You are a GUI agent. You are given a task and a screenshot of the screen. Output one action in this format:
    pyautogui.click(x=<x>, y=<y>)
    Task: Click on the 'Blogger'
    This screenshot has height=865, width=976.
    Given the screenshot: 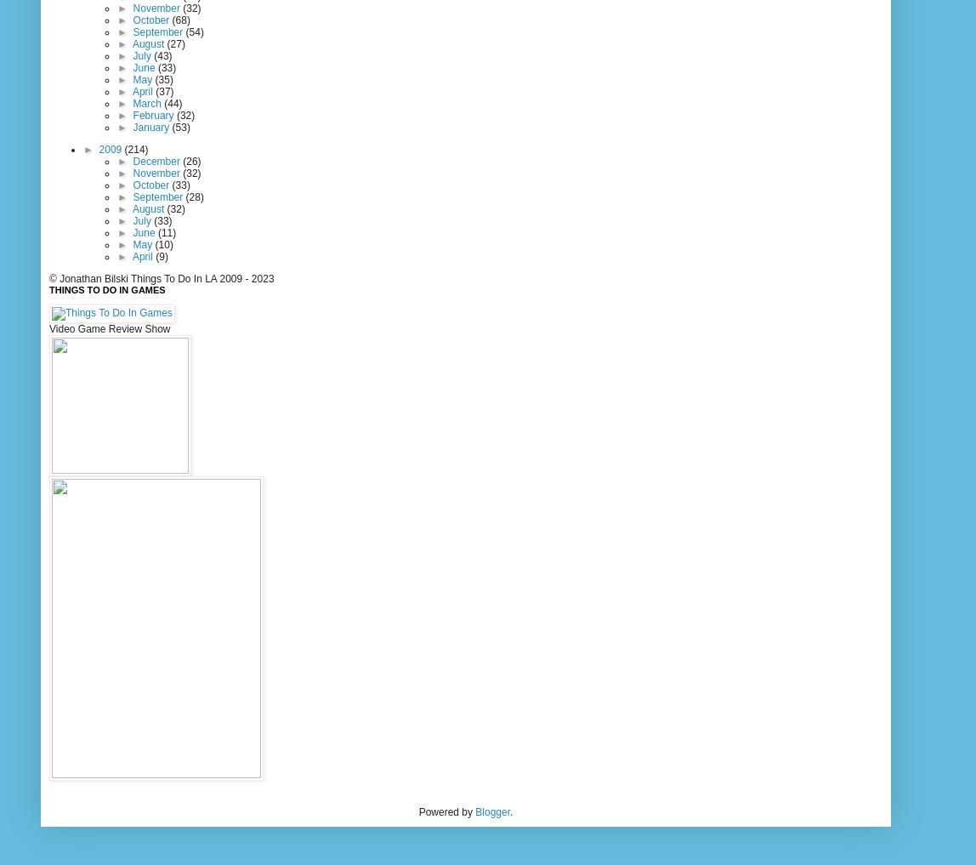 What is the action you would take?
    pyautogui.click(x=492, y=811)
    